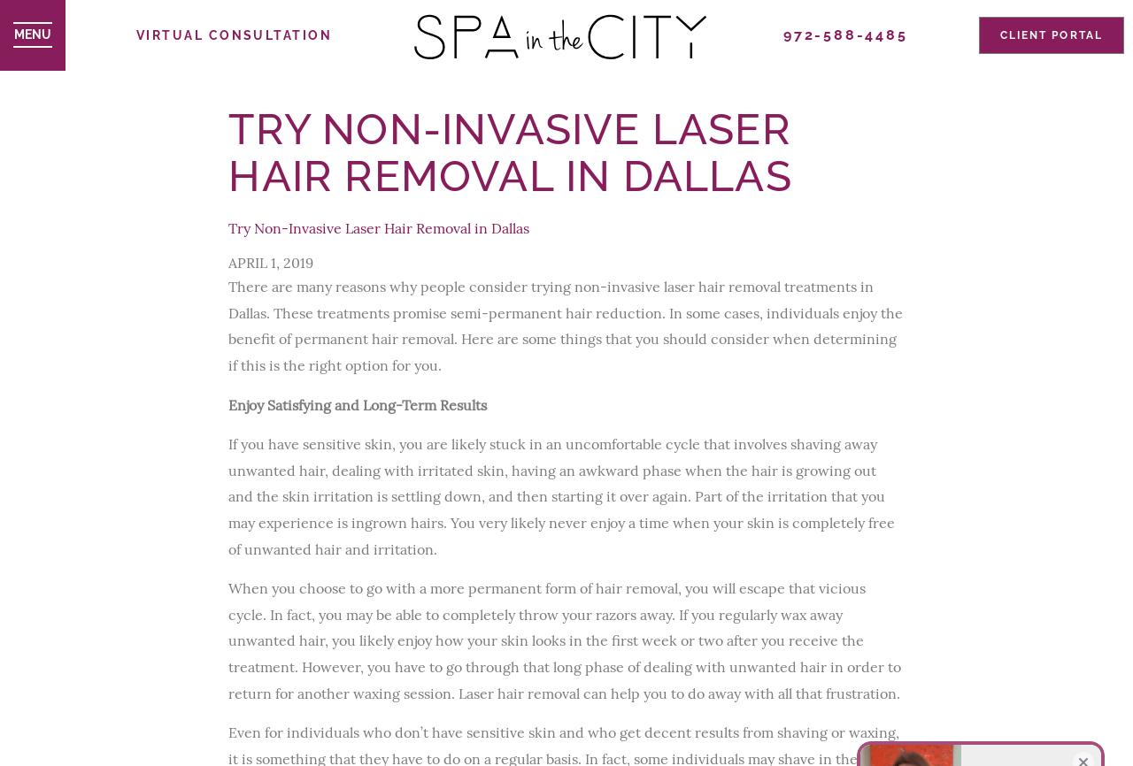 The width and height of the screenshot is (1133, 766). Describe the element at coordinates (233, 34) in the screenshot. I see `'Virtual Consultation'` at that location.